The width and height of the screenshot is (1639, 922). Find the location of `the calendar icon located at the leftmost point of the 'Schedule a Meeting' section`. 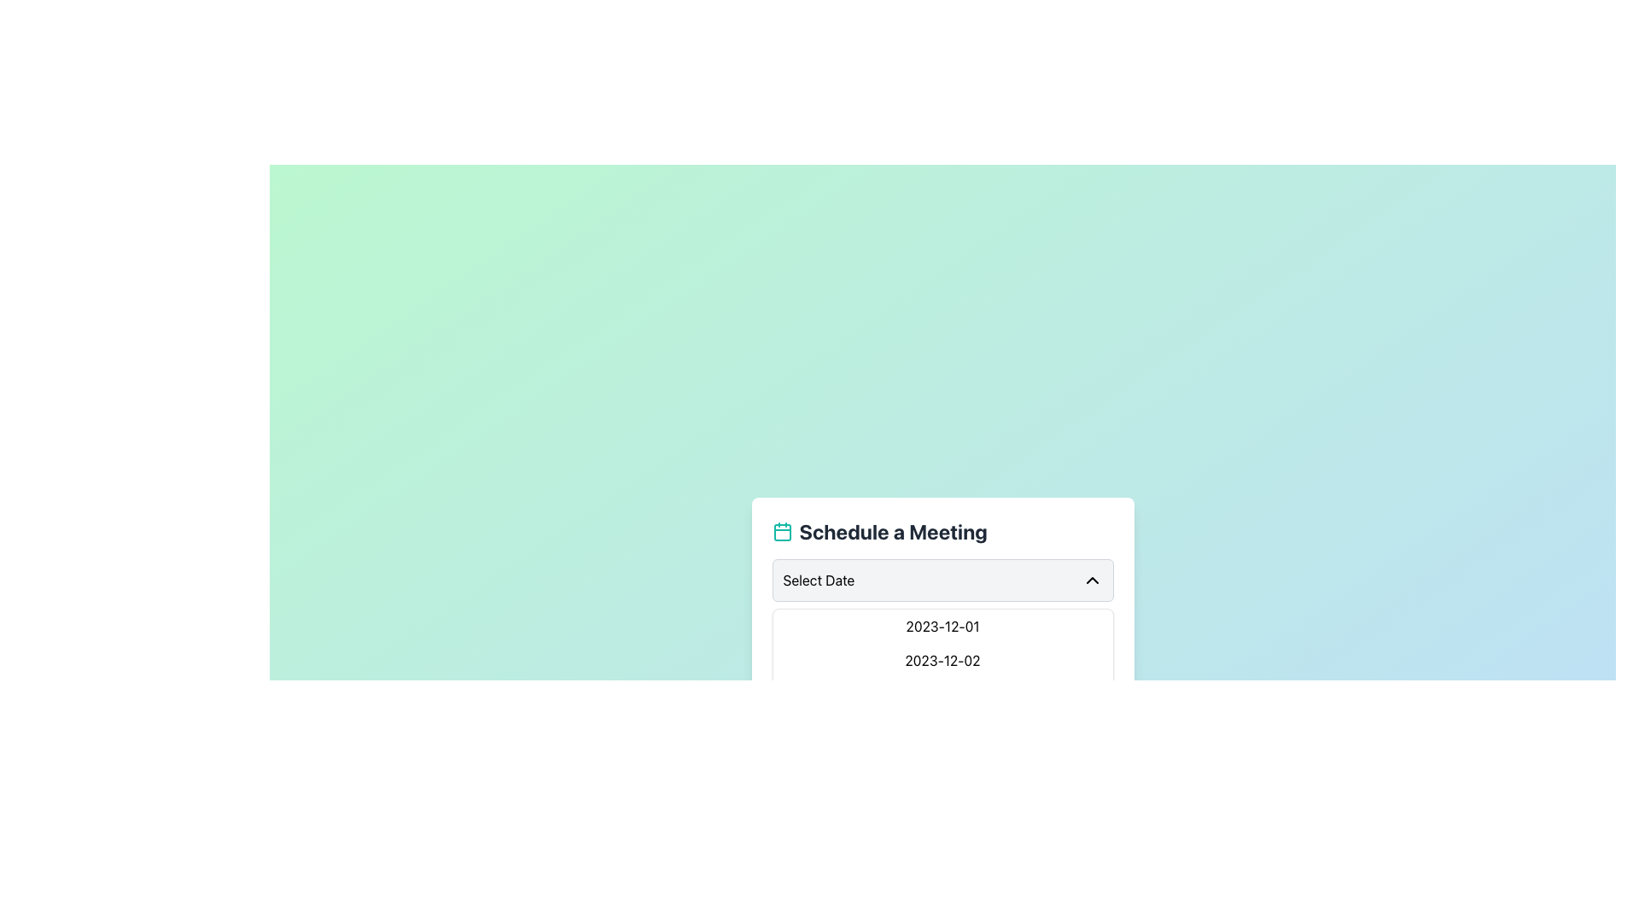

the calendar icon located at the leftmost point of the 'Schedule a Meeting' section is located at coordinates (781, 531).